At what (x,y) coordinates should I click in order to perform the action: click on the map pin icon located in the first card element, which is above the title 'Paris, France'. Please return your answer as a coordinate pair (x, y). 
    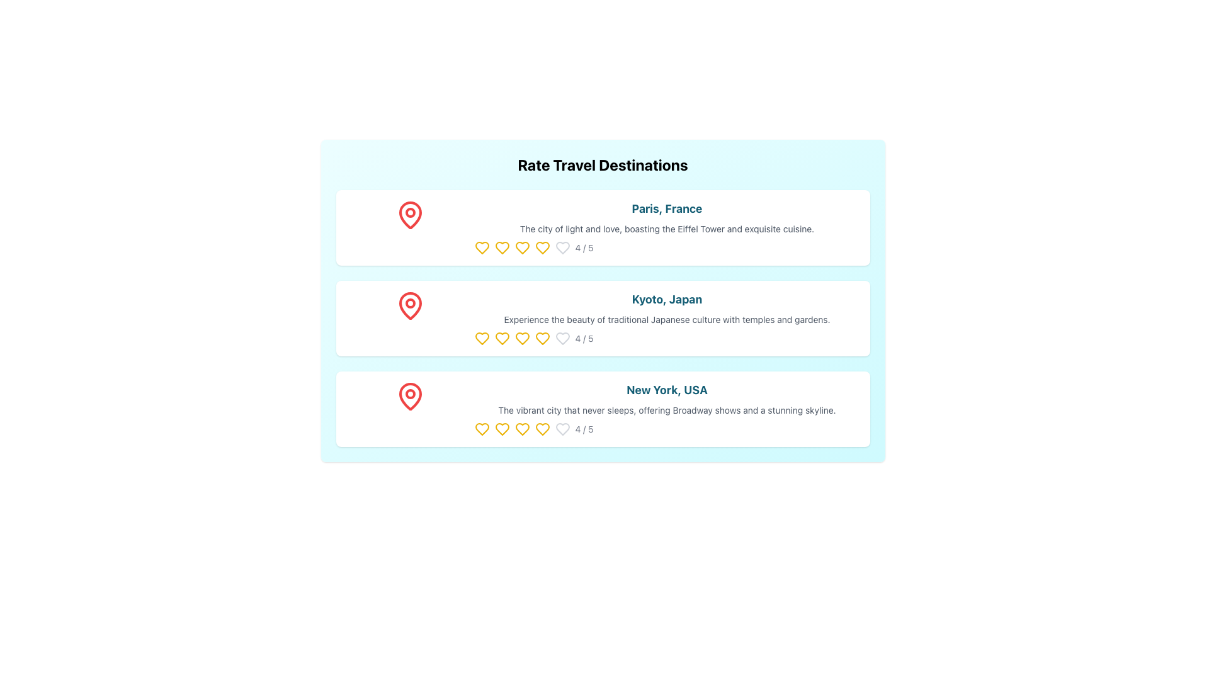
    Looking at the image, I should click on (410, 228).